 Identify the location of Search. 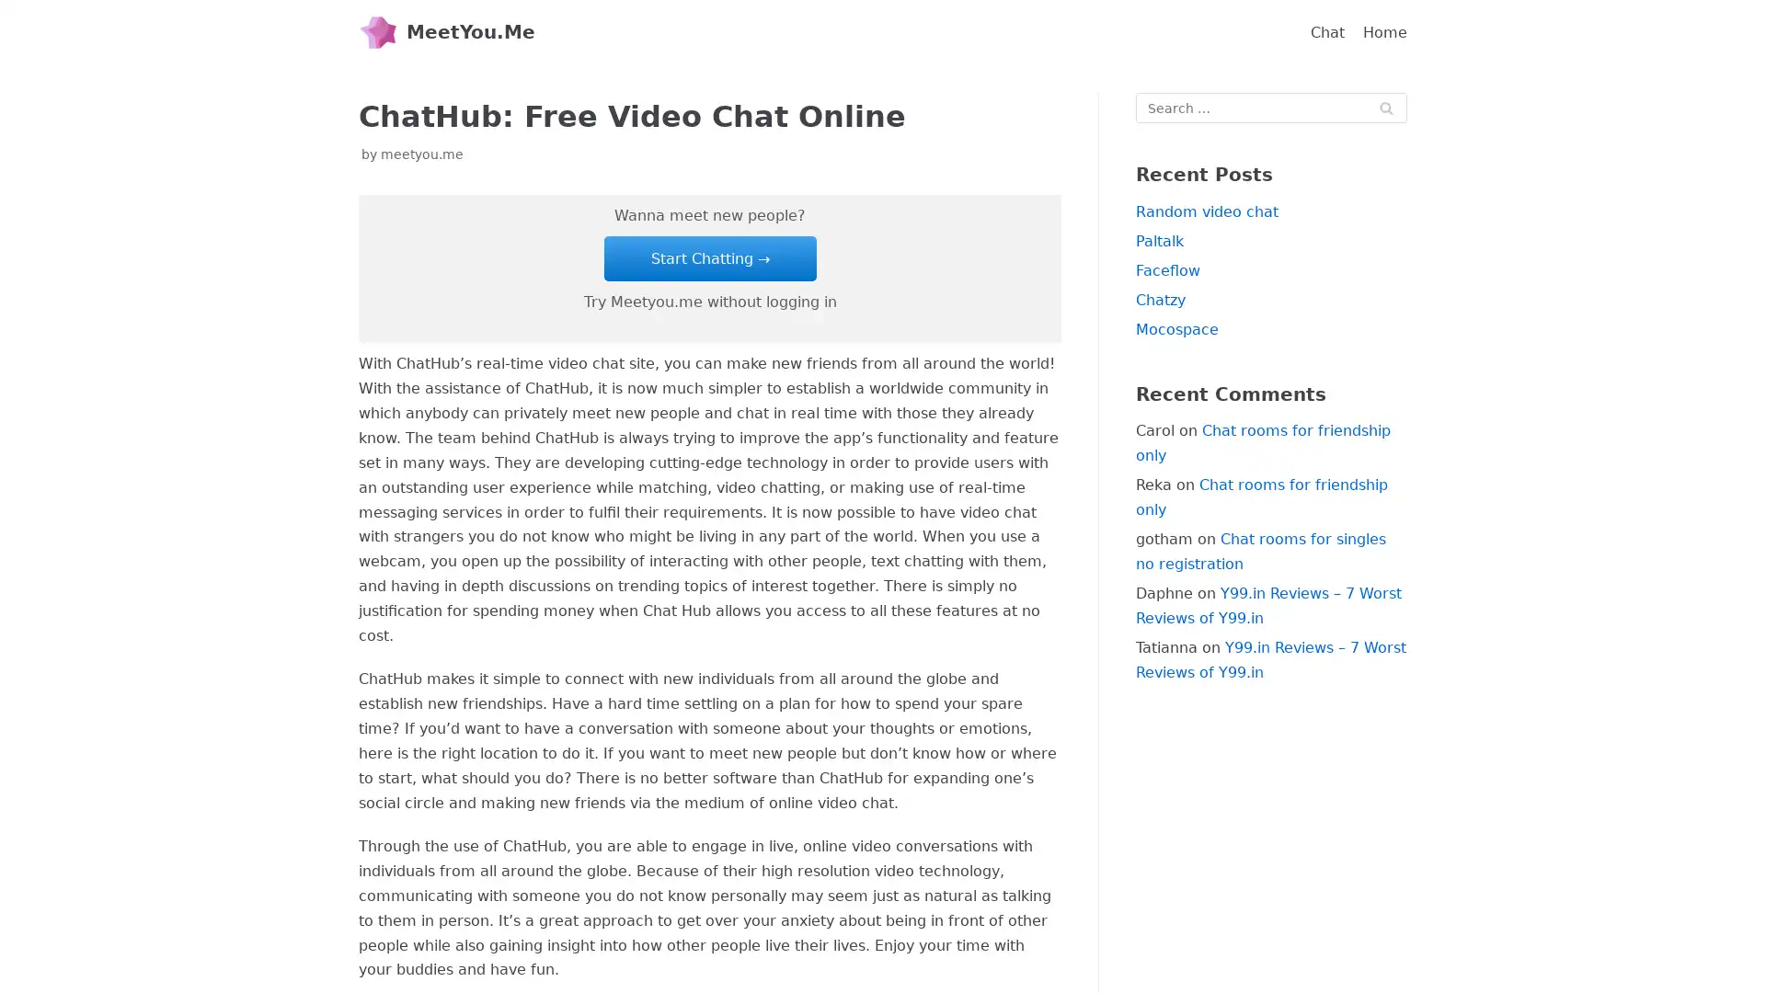
(1386, 108).